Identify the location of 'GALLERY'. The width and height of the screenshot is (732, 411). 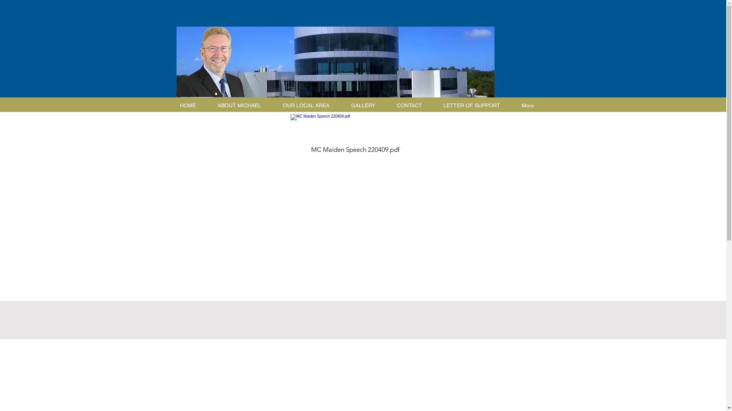
(366, 105).